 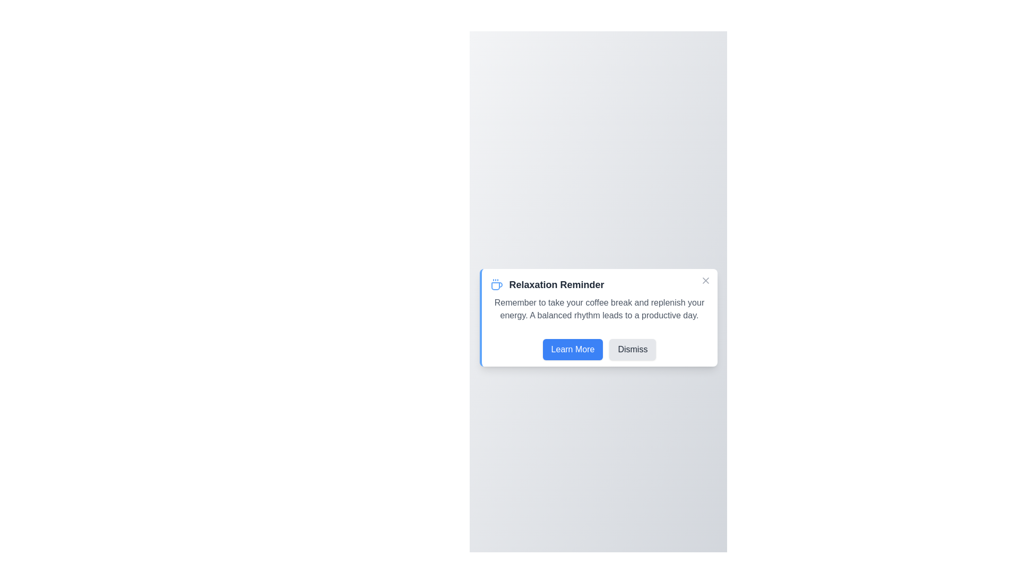 What do you see at coordinates (572, 350) in the screenshot?
I see `the 'Learn More' button to proceed to the next step` at bounding box center [572, 350].